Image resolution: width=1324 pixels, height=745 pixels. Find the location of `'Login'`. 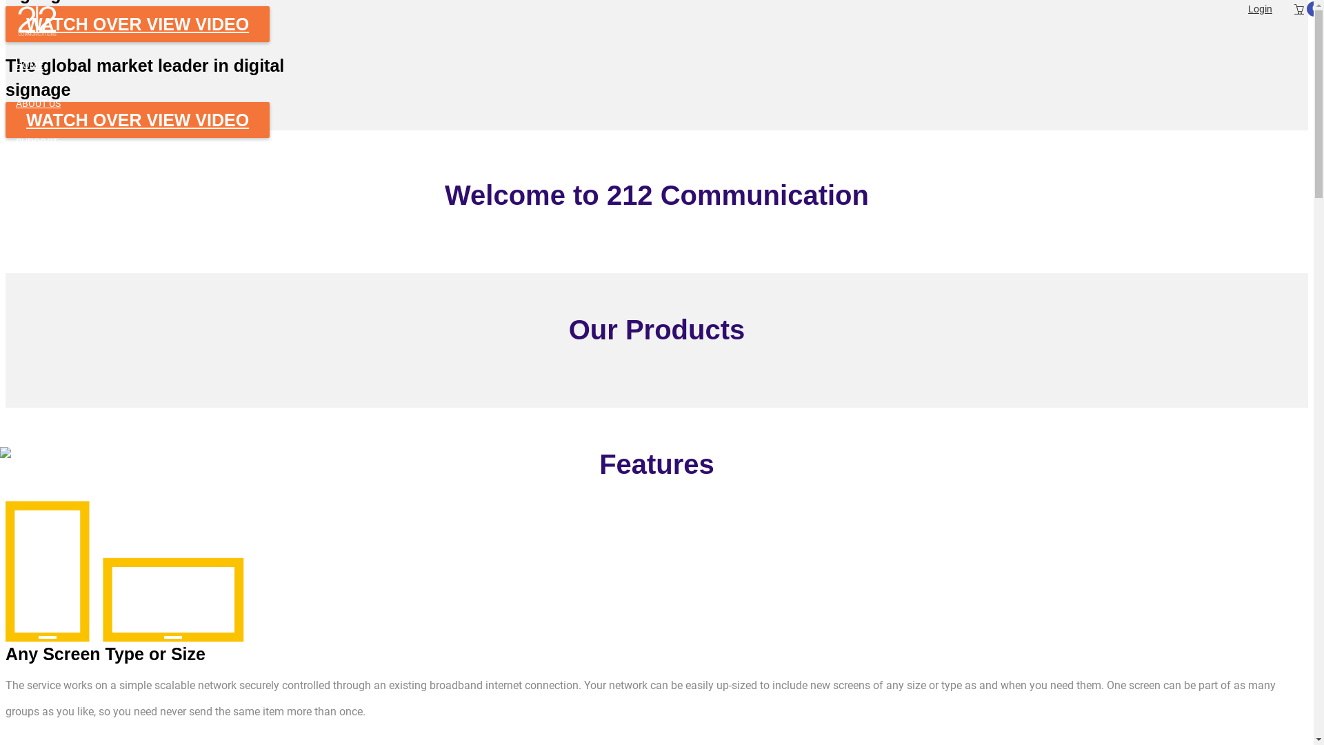

'Login' is located at coordinates (1260, 8).